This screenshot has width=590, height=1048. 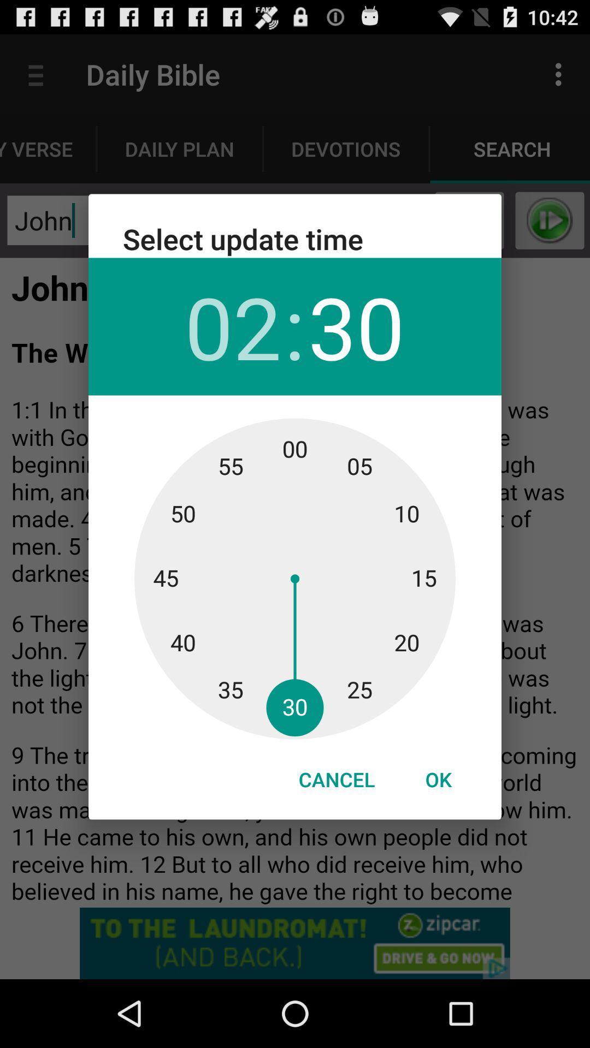 I want to click on item at the bottom right corner, so click(x=438, y=779).